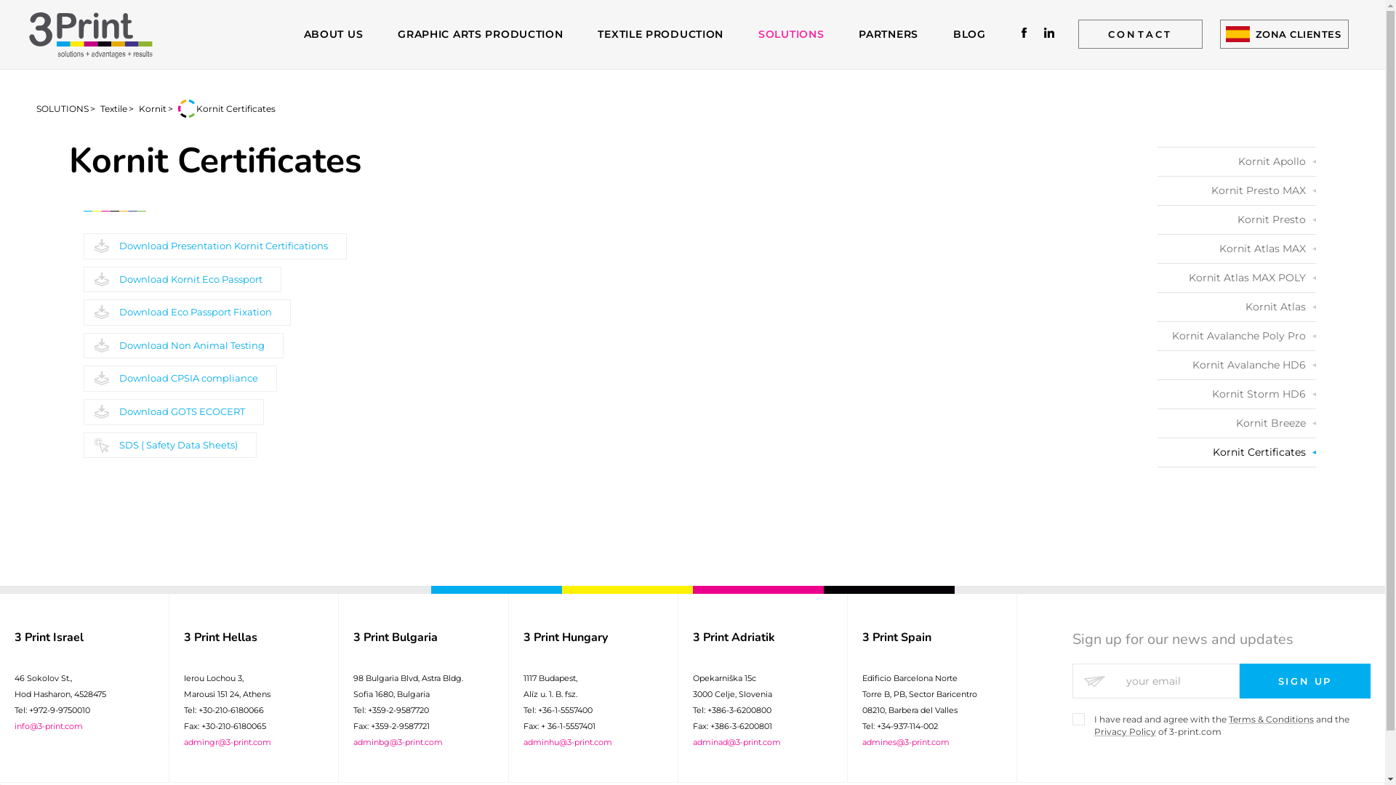 This screenshot has width=1396, height=785. Describe the element at coordinates (214, 246) in the screenshot. I see `'Download Presentation Kornit Certifications'` at that location.